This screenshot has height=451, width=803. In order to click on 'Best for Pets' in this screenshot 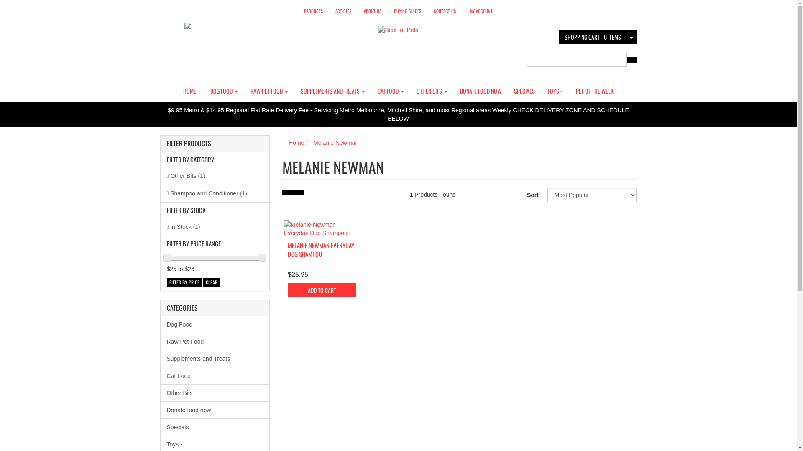, I will do `click(377, 27)`.